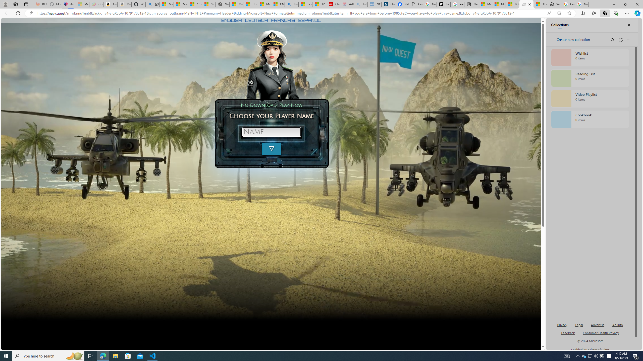  I want to click on 'Browser essentials', so click(616, 13).